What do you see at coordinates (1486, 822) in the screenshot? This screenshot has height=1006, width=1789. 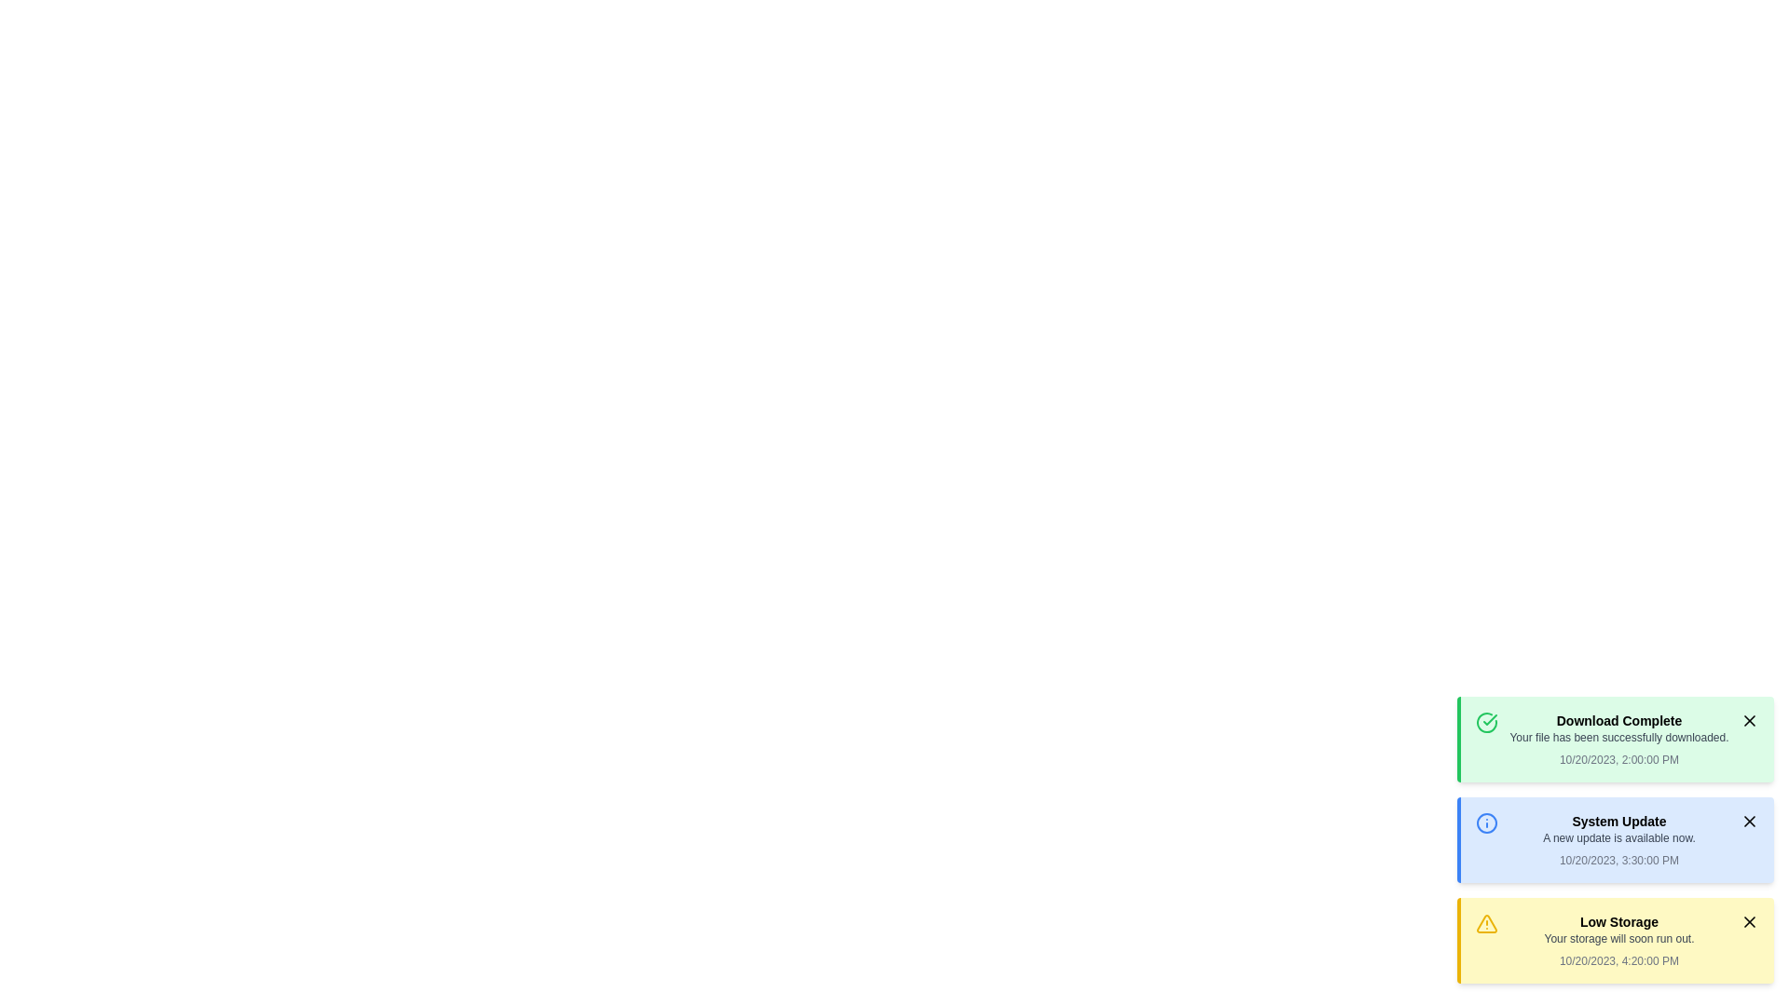 I see `the blue circular graphic within the 'System Update' notification card located in the upper-left corner of the card` at bounding box center [1486, 822].